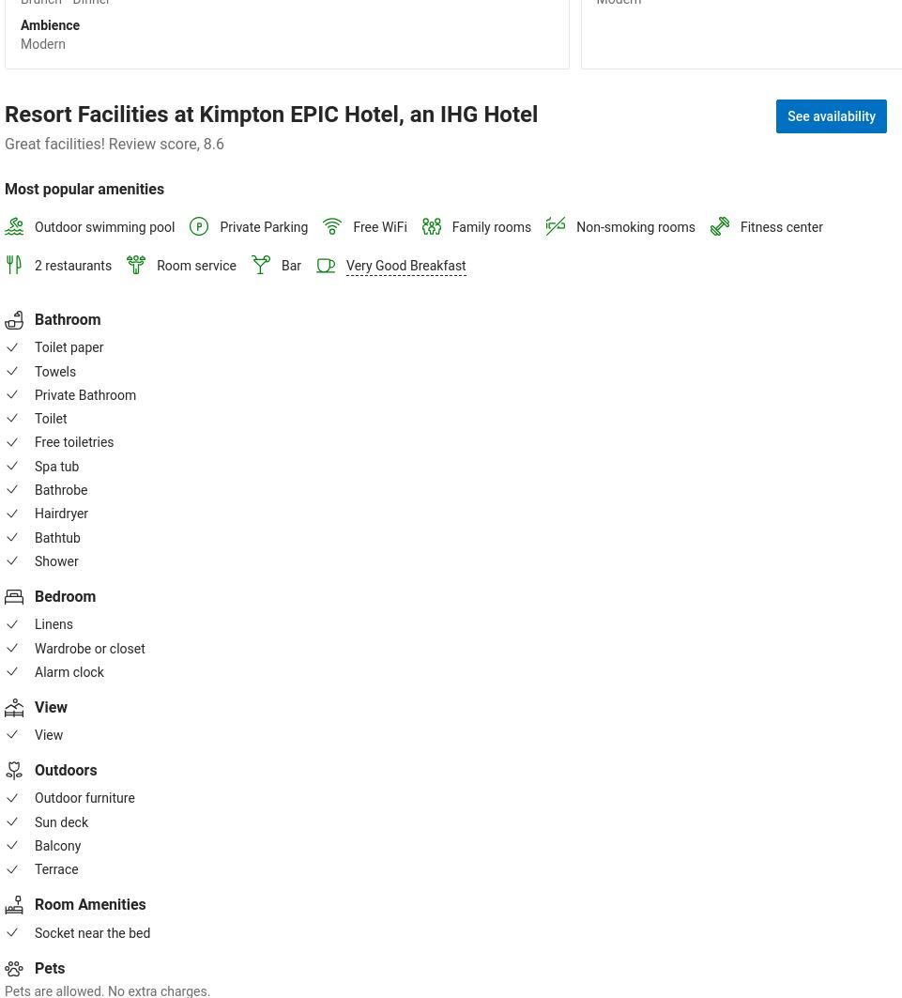 The height and width of the screenshot is (998, 902). What do you see at coordinates (196, 265) in the screenshot?
I see `'Room service'` at bounding box center [196, 265].